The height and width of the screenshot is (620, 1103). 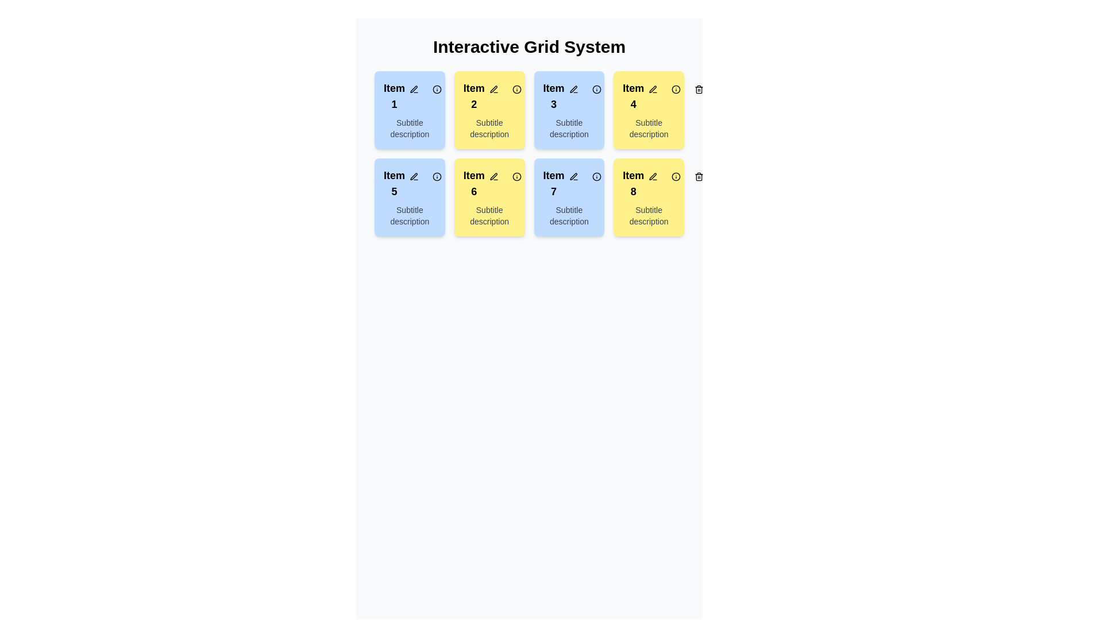 I want to click on the second circular information button located between the pencil icon and the trash bin icon for 'Item 3', so click(x=596, y=88).